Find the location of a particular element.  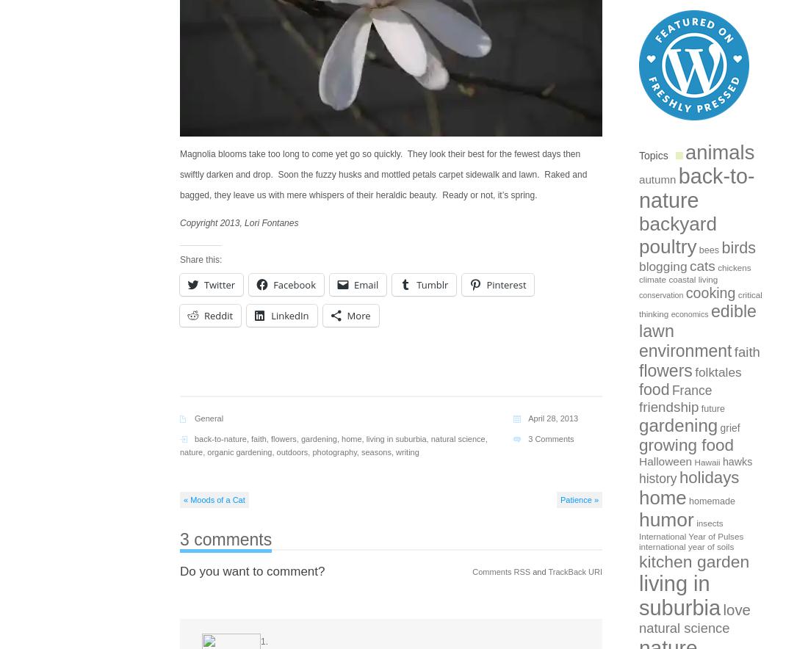

'blogging' is located at coordinates (663, 265).